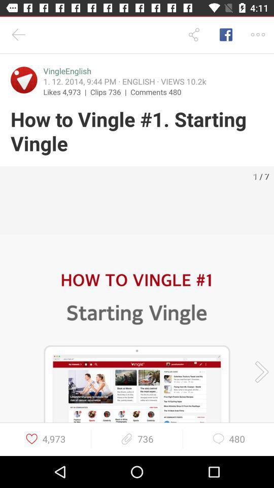 The width and height of the screenshot is (274, 488). I want to click on visit website, so click(24, 79).